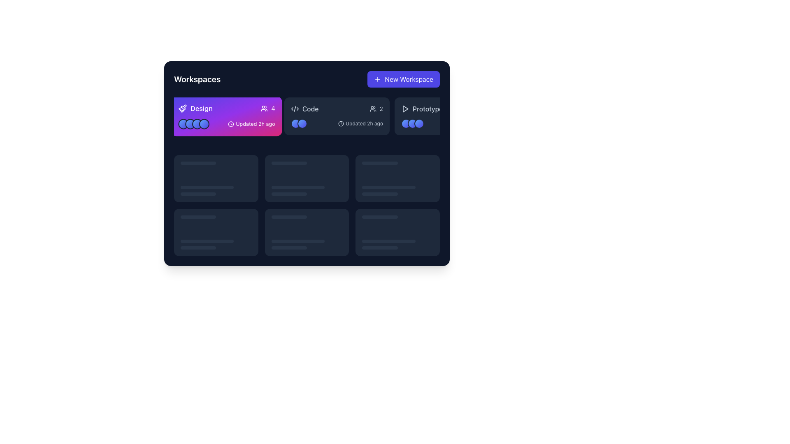 The image size is (790, 444). Describe the element at coordinates (251, 124) in the screenshot. I see `the Text Label with Icon that provides information about the last update time of the corresponding workspace, located within the 'Design' card in the 'Workspaces' section, to the right of the user count indicator and below the card's header` at that location.